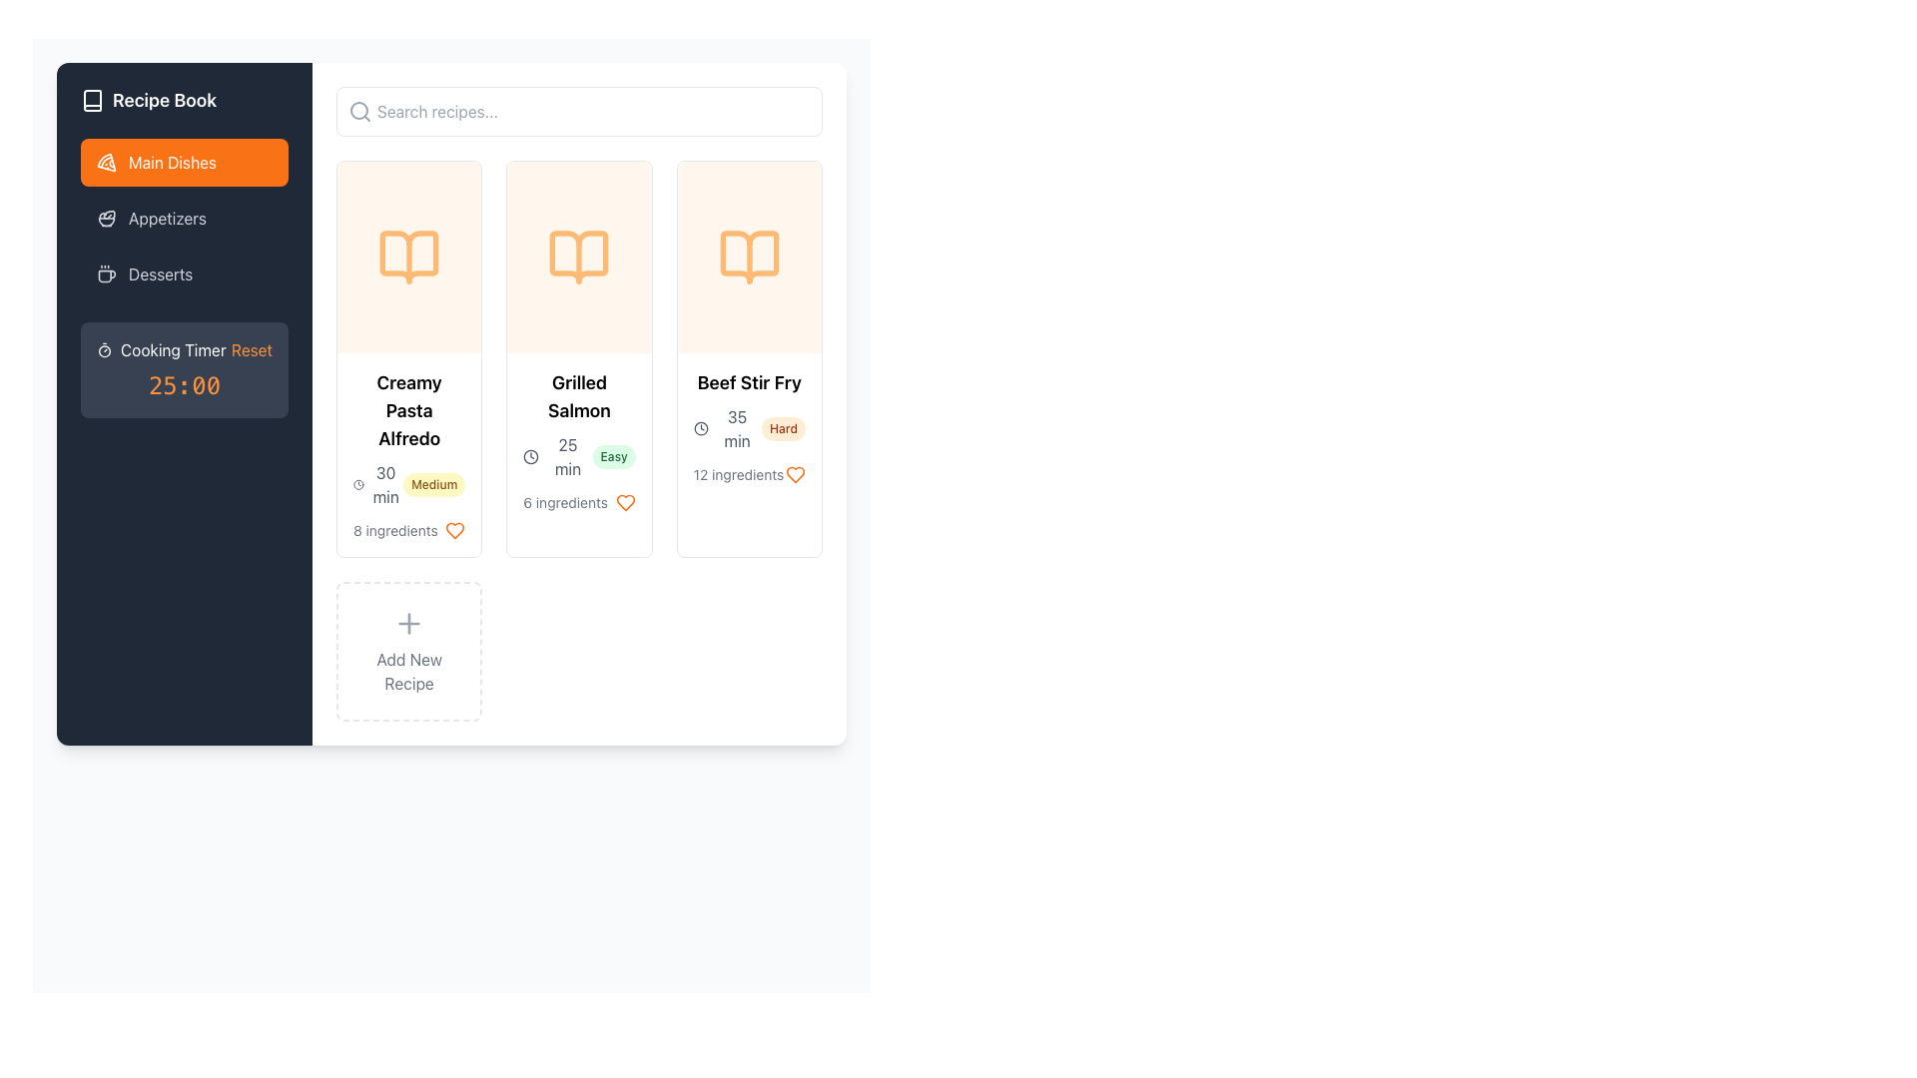  What do you see at coordinates (408, 485) in the screenshot?
I see `the informational label grouping displaying the estimated cooking time and difficulty level under the recipe title 'Creamy Pasta Alfredo'` at bounding box center [408, 485].